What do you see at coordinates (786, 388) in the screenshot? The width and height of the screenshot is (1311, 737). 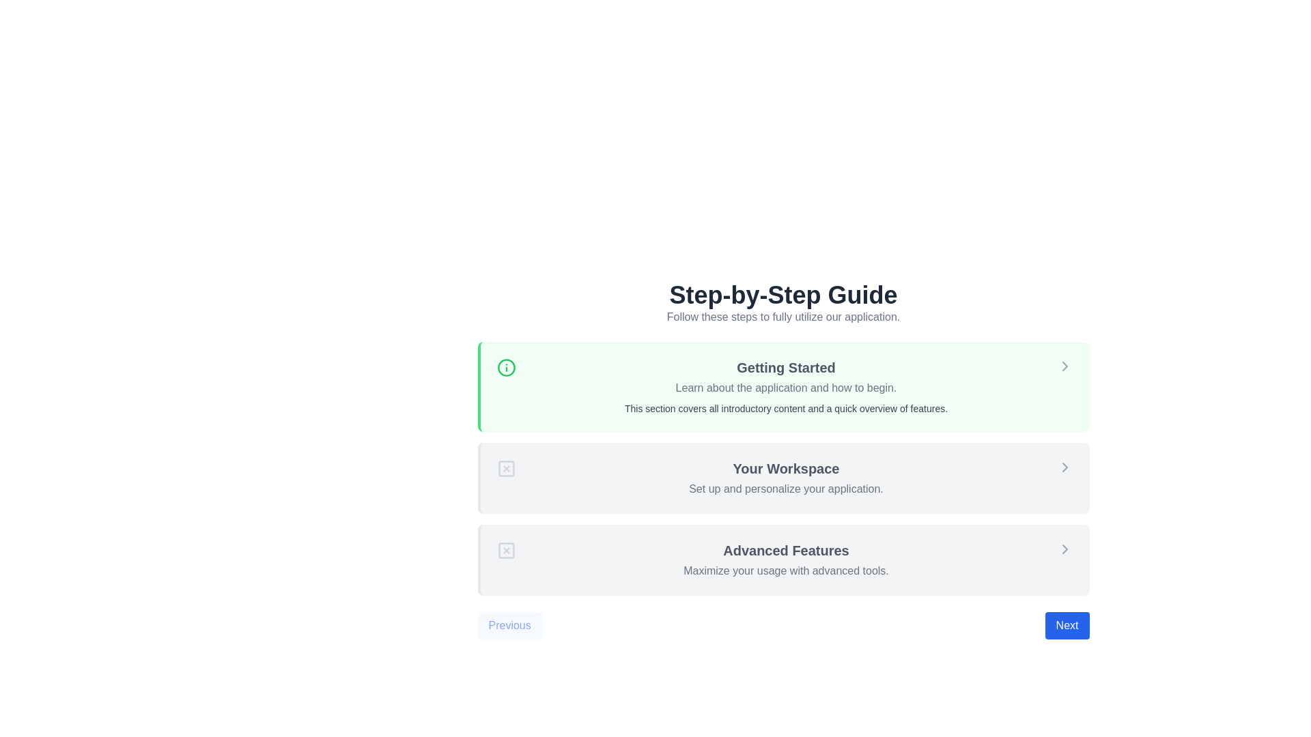 I see `text block that says 'Learn about the application and how to begin.' located in the 'Getting Started' section, styled in medium gray color, positioned below the header 'Getting Started'` at bounding box center [786, 388].